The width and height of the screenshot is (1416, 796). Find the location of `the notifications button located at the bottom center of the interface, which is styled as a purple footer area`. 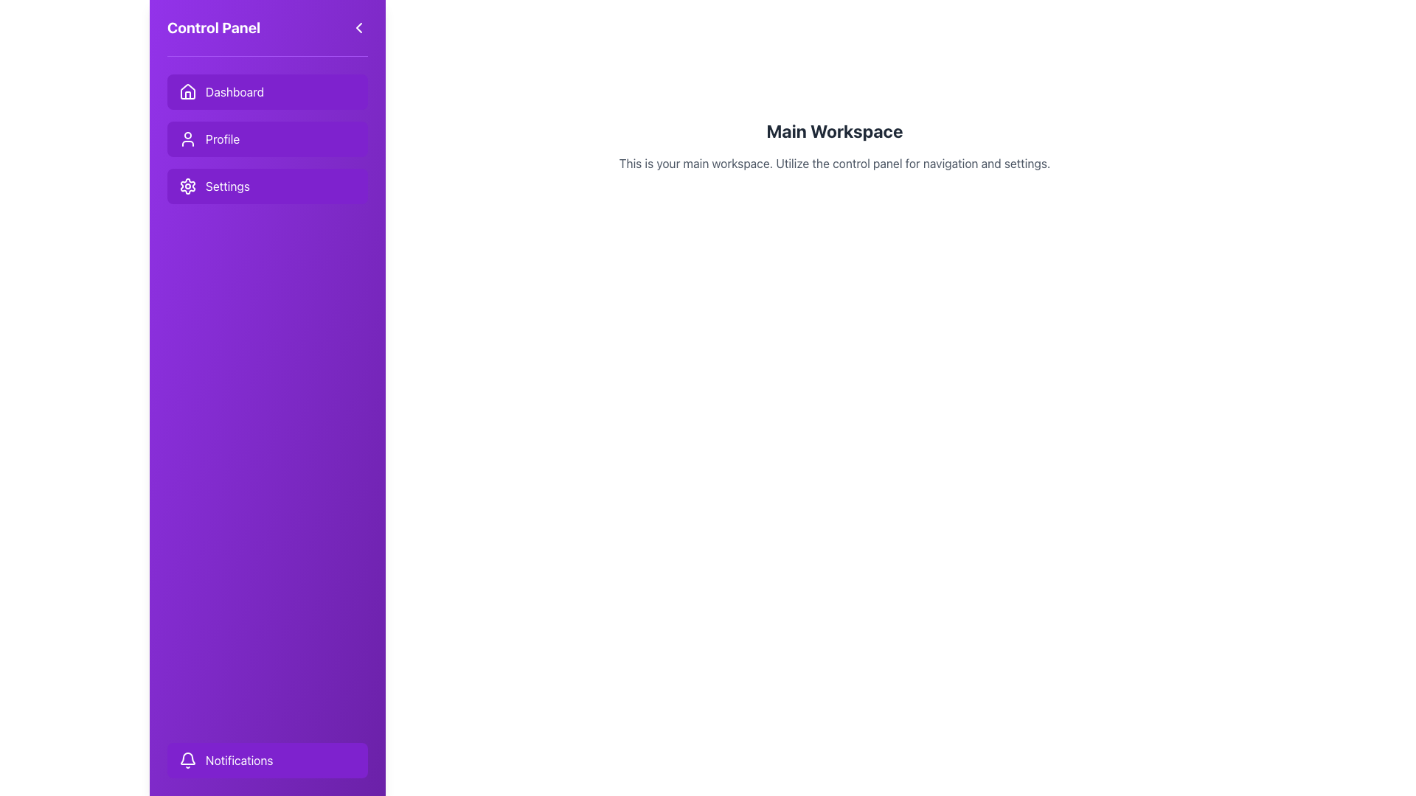

the notifications button located at the bottom center of the interface, which is styled as a purple footer area is located at coordinates (268, 761).